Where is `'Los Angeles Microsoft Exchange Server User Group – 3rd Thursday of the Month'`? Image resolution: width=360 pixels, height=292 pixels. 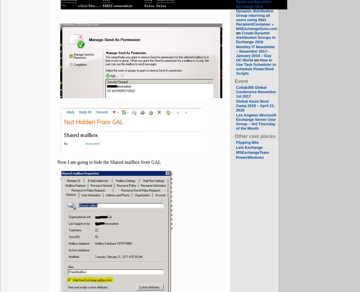 'Los Angeles Microsoft Exchange Server User Group – 3rd Thursday of the Month' is located at coordinates (256, 121).